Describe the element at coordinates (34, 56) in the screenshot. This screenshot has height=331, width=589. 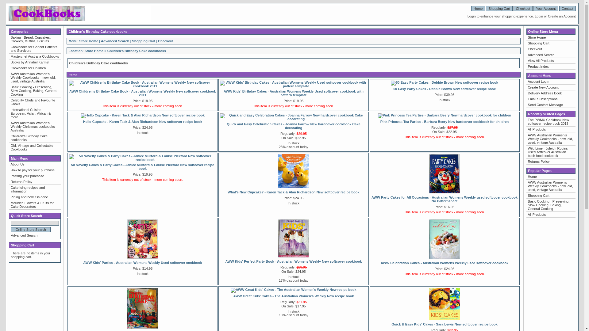
I see `'Masterchef Australia Cookbooks'` at that location.